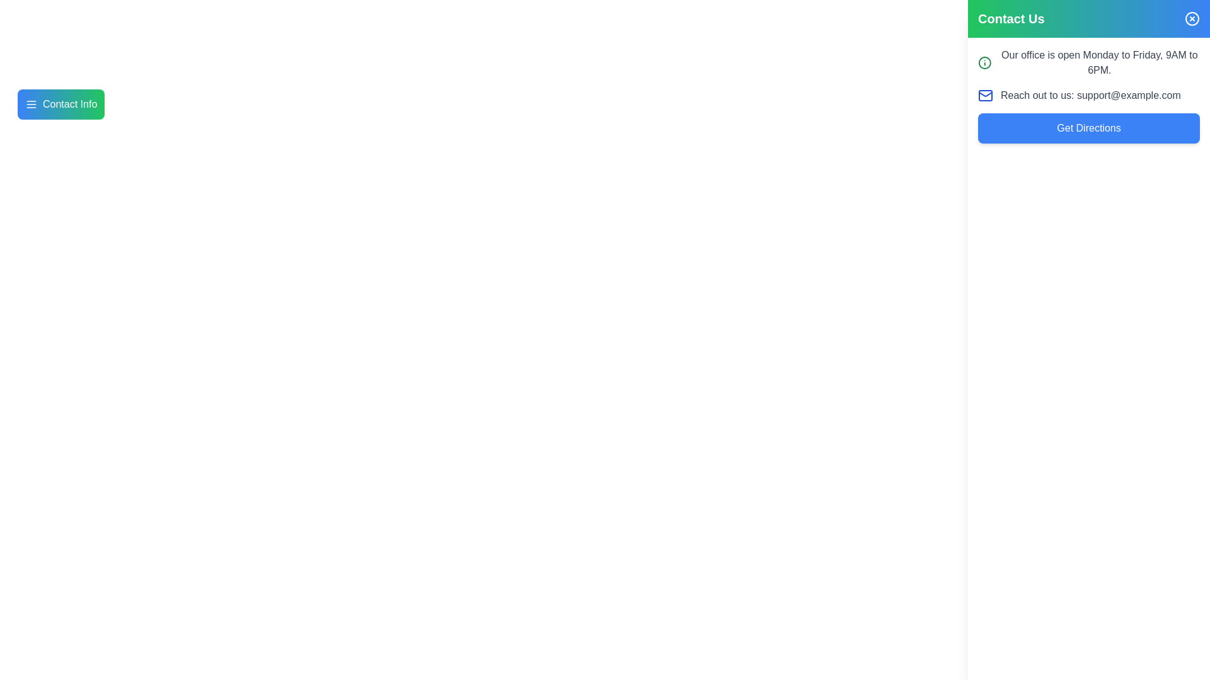 Image resolution: width=1210 pixels, height=680 pixels. What do you see at coordinates (60, 103) in the screenshot?
I see `the rectangular button labeled 'Contact Info' with a gradient background and a menu icon` at bounding box center [60, 103].